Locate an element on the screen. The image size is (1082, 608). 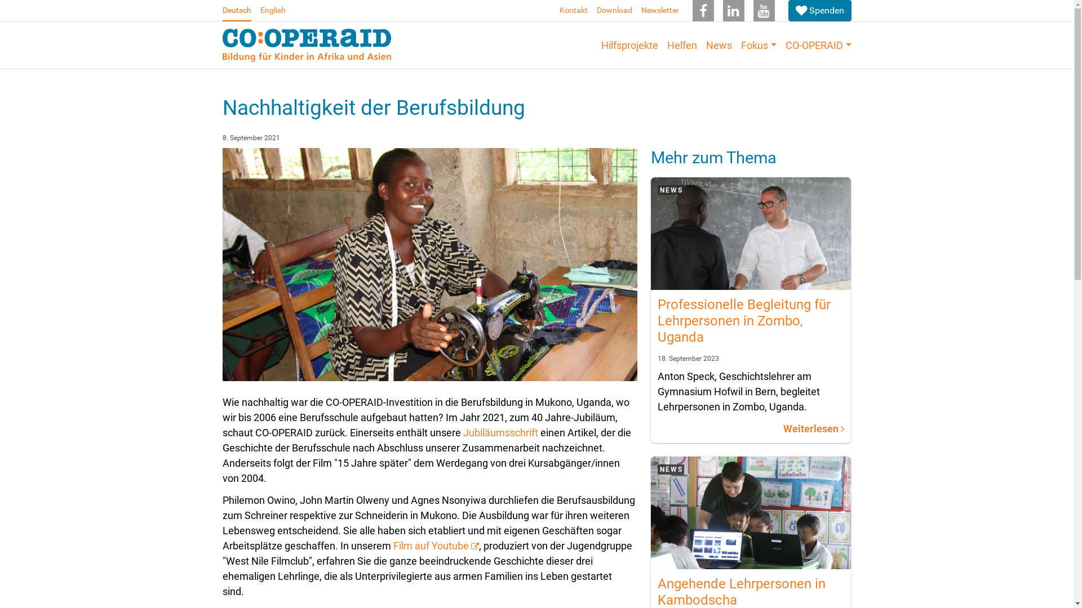
'Studierende PH Luzern in Kambodscha' is located at coordinates (751, 512).